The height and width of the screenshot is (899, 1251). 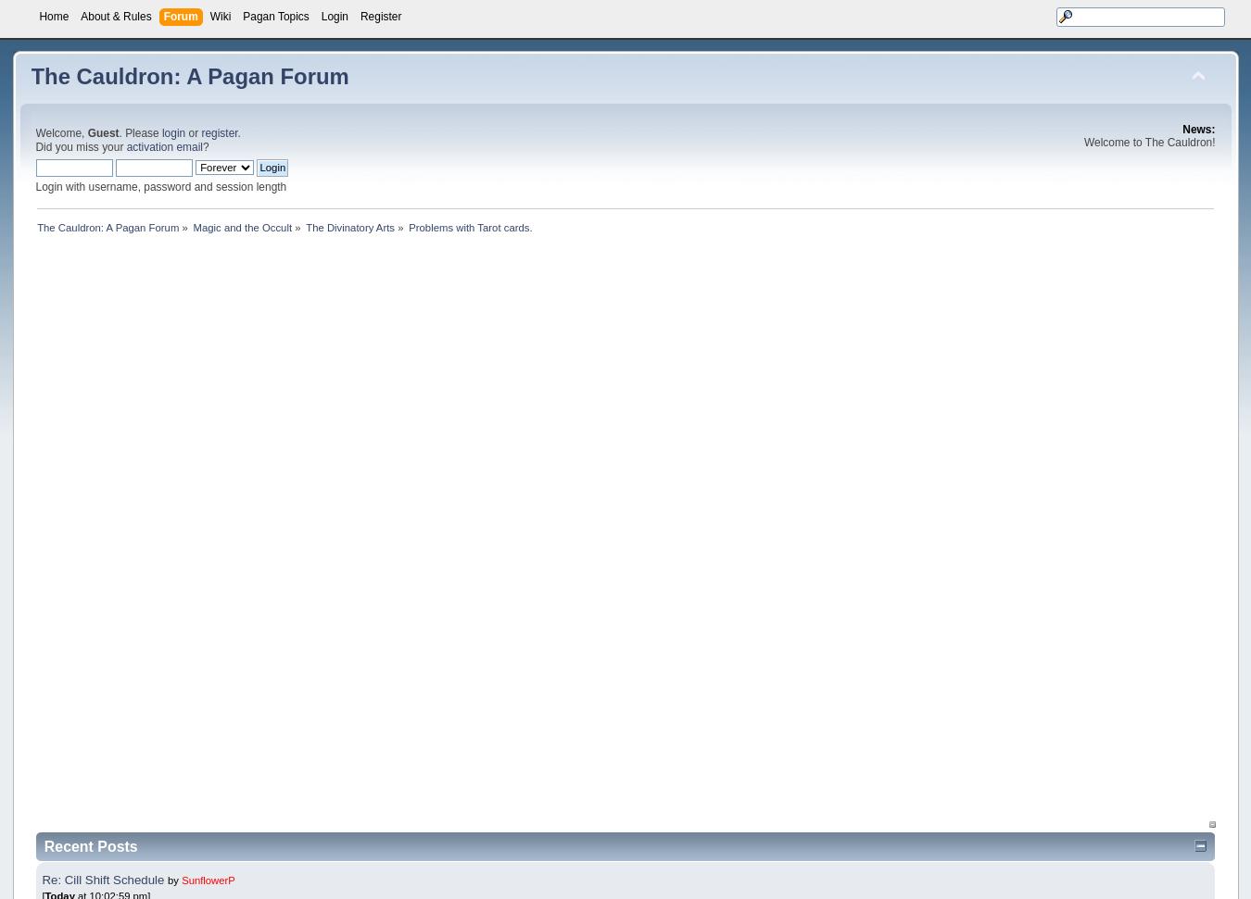 What do you see at coordinates (172, 132) in the screenshot?
I see `'login'` at bounding box center [172, 132].